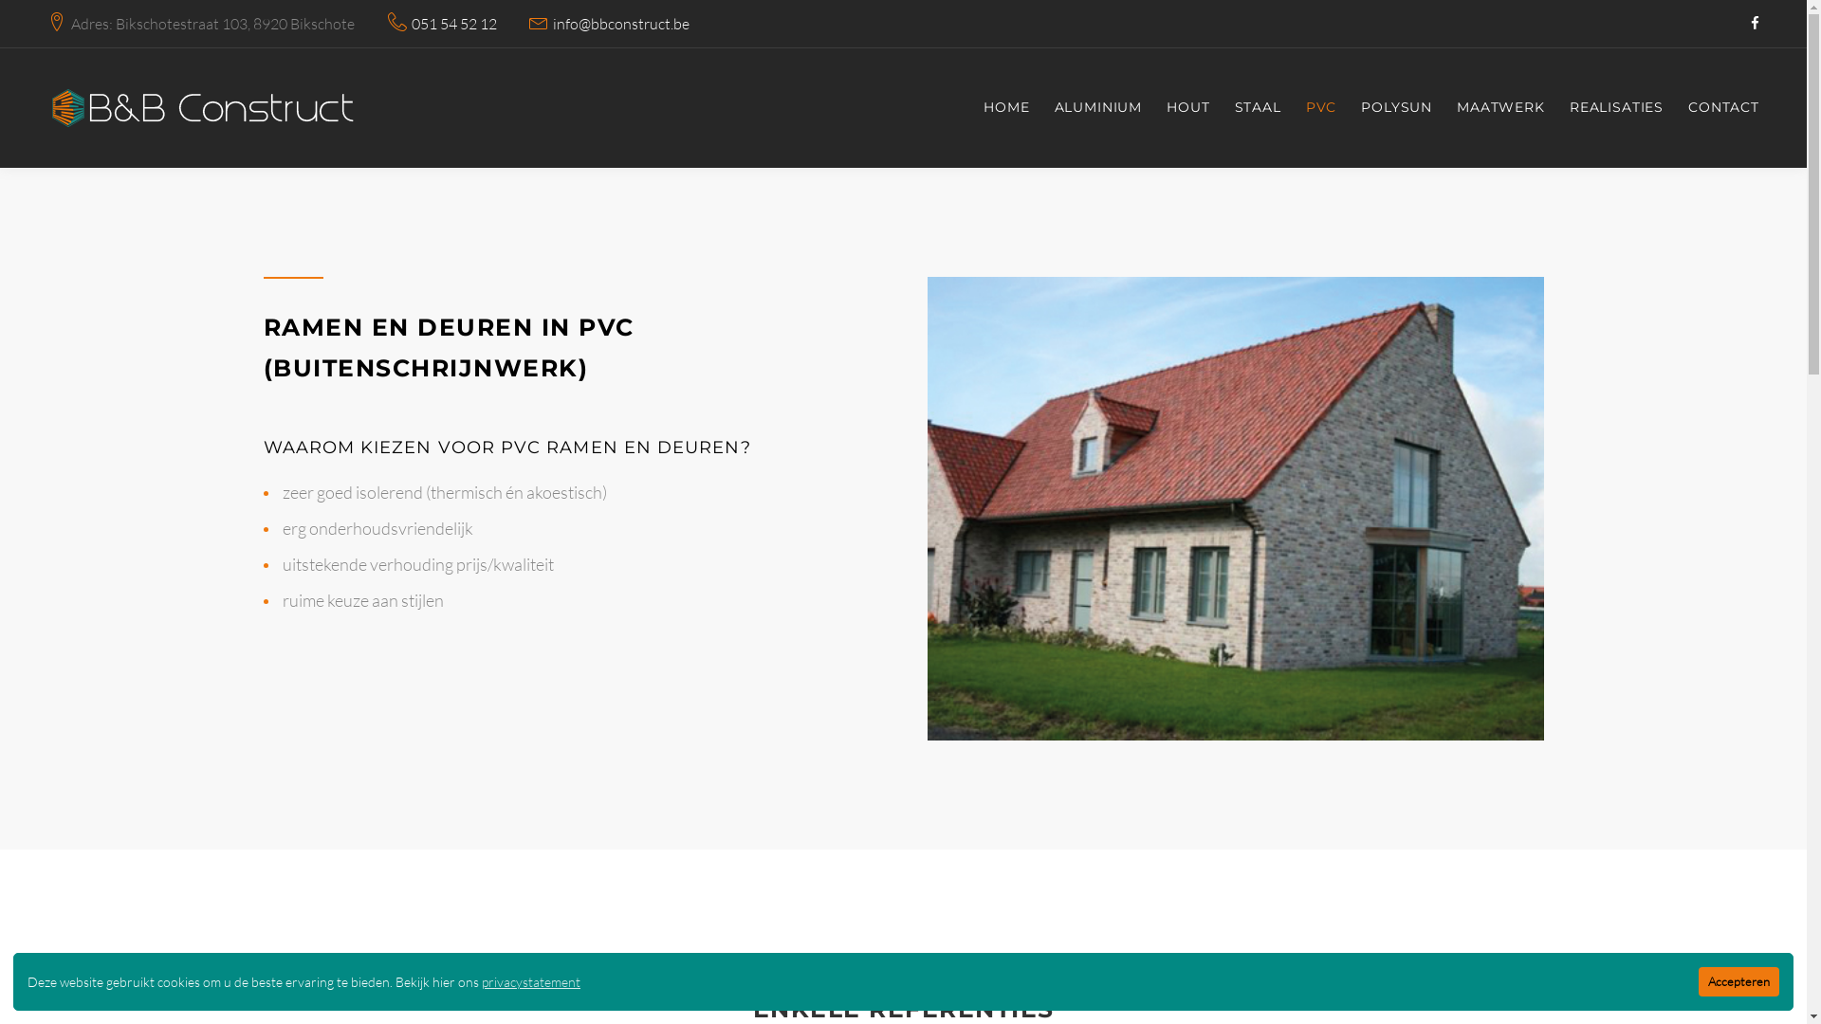  What do you see at coordinates (1258, 108) in the screenshot?
I see `'STAAL'` at bounding box center [1258, 108].